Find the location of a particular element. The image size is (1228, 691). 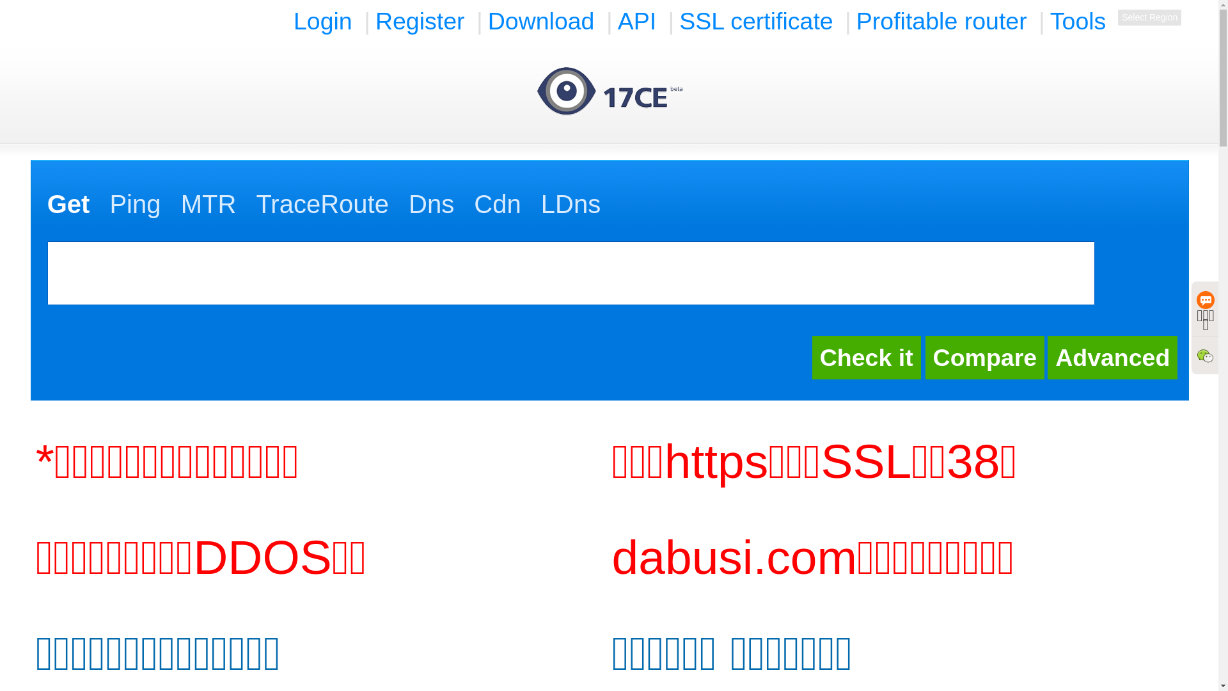

'Get' is located at coordinates (47, 203).